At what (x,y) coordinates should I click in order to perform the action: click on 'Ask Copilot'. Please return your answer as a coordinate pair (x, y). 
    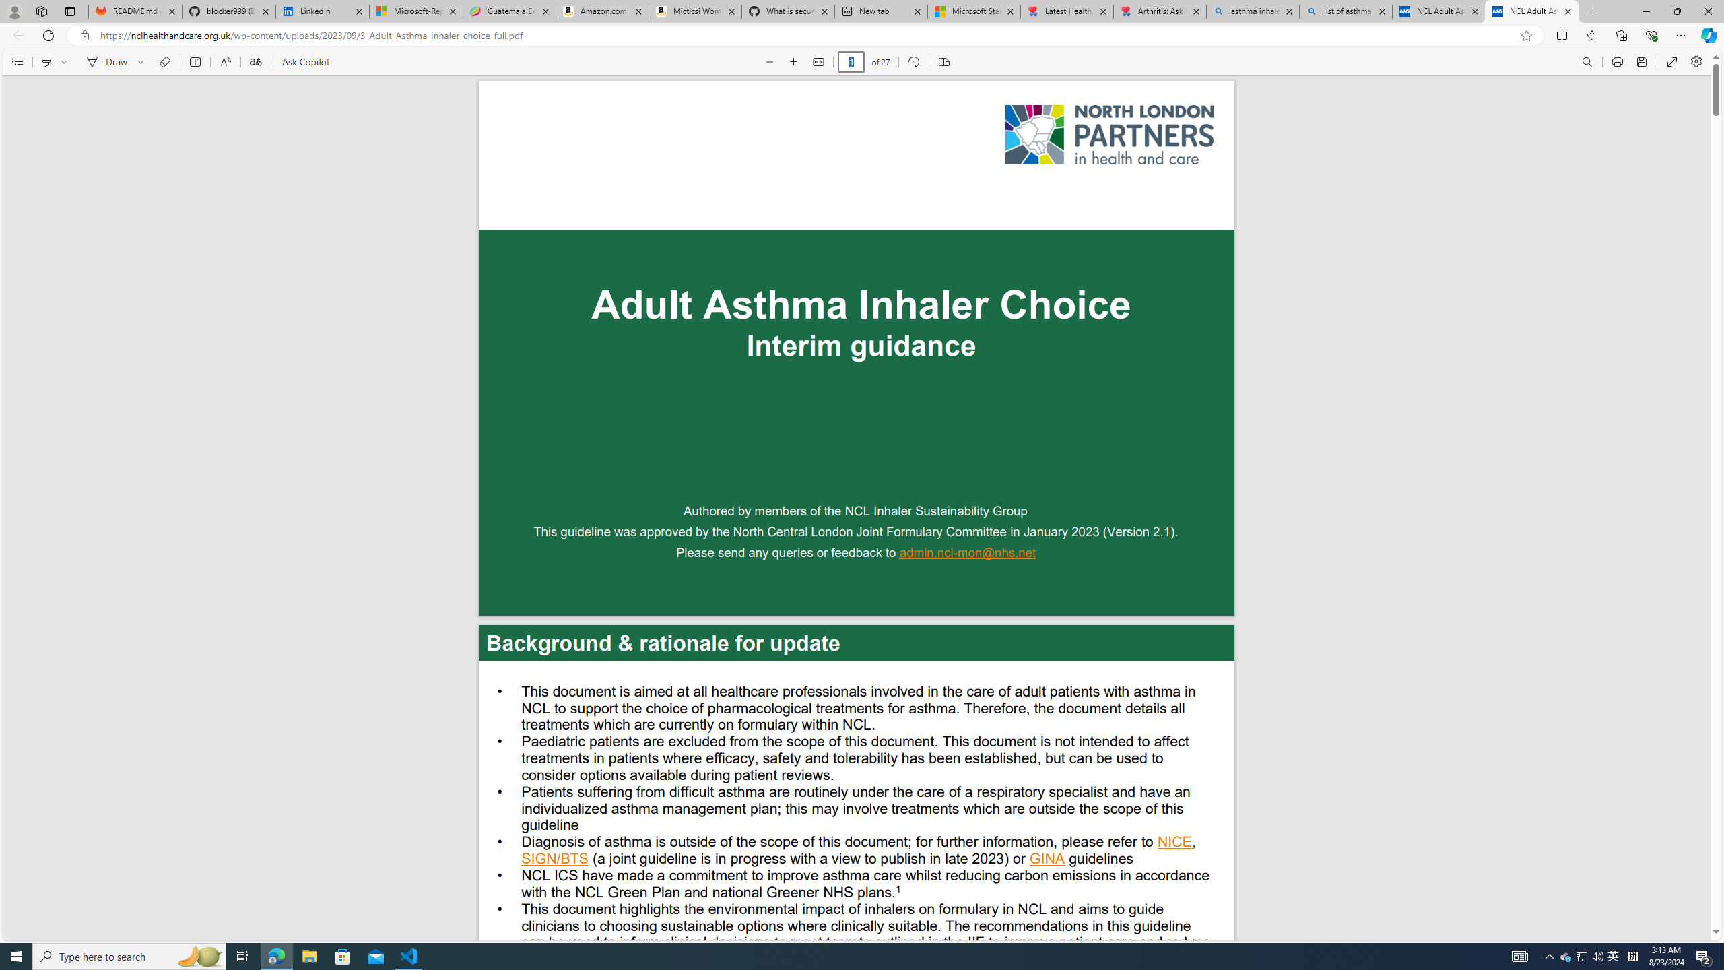
    Looking at the image, I should click on (304, 61).